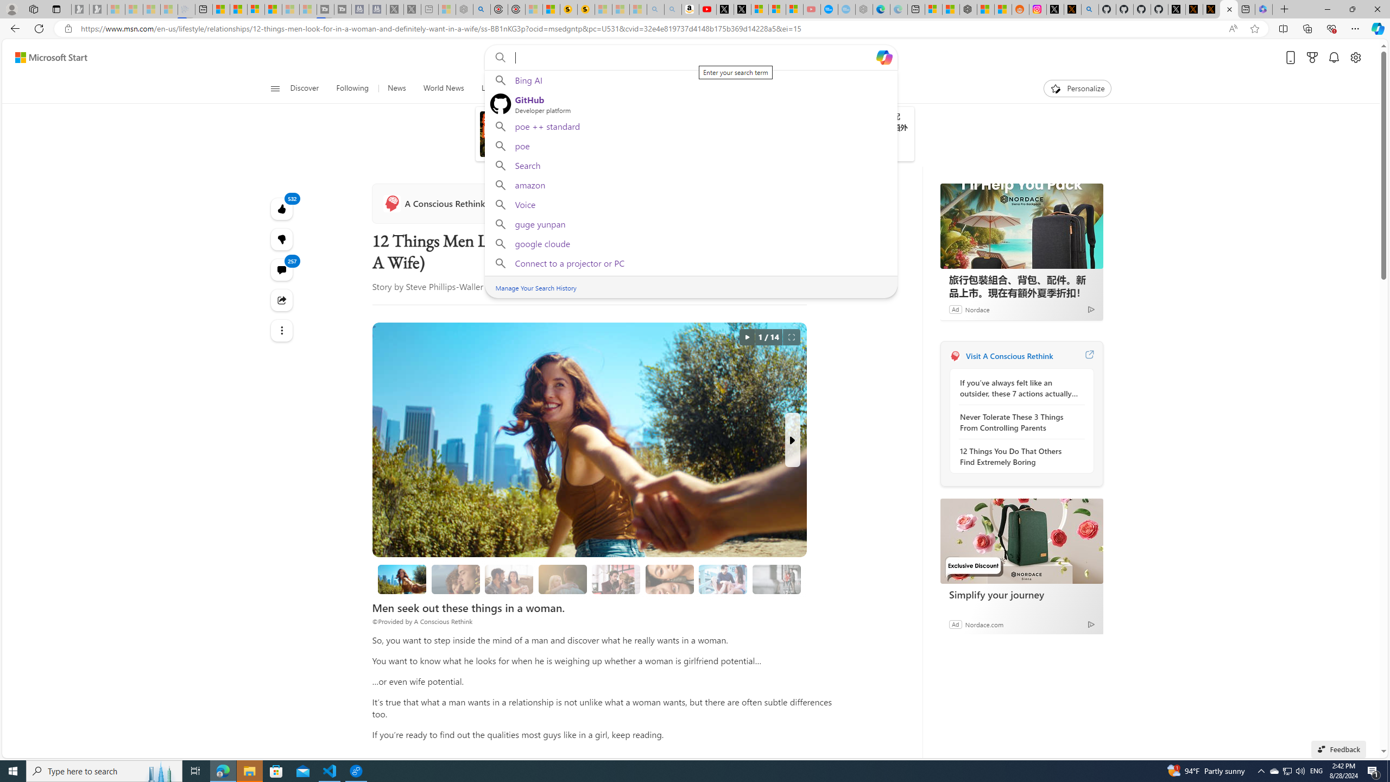  I want to click on 'Full screen', so click(791, 337).